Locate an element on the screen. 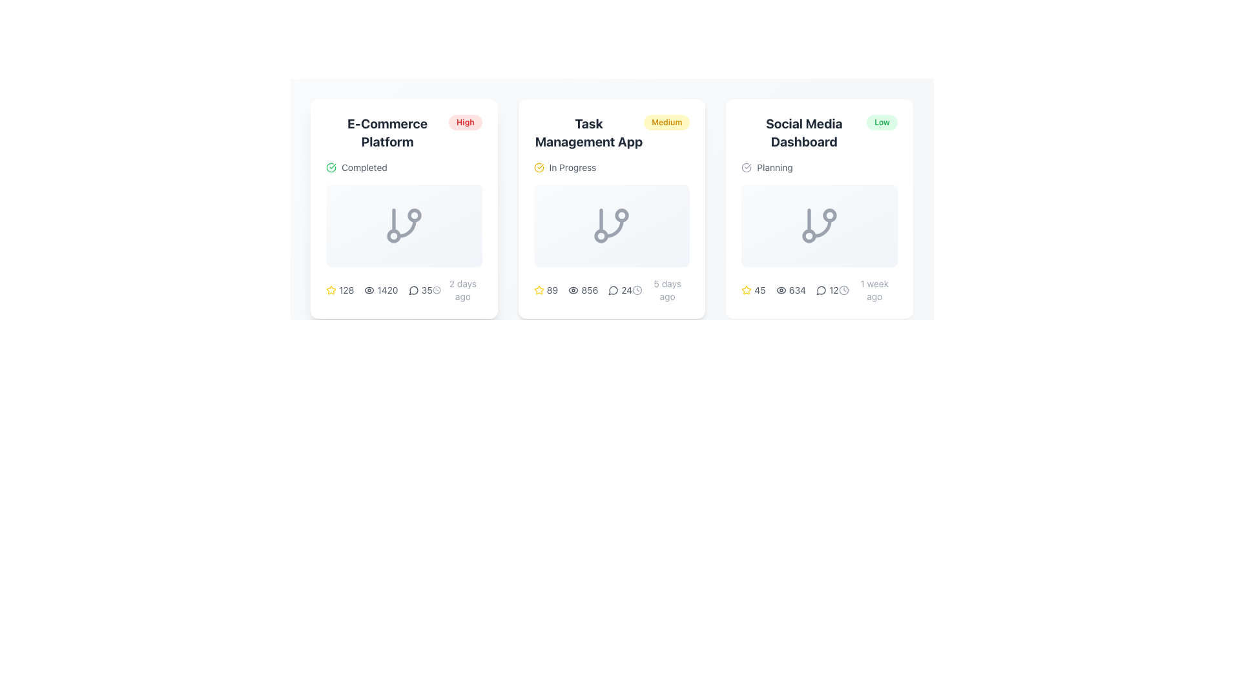  the pill-shaped label with the text 'Medium' in yellow, located to the right of the 'Task Management App' heading is located at coordinates (666, 122).